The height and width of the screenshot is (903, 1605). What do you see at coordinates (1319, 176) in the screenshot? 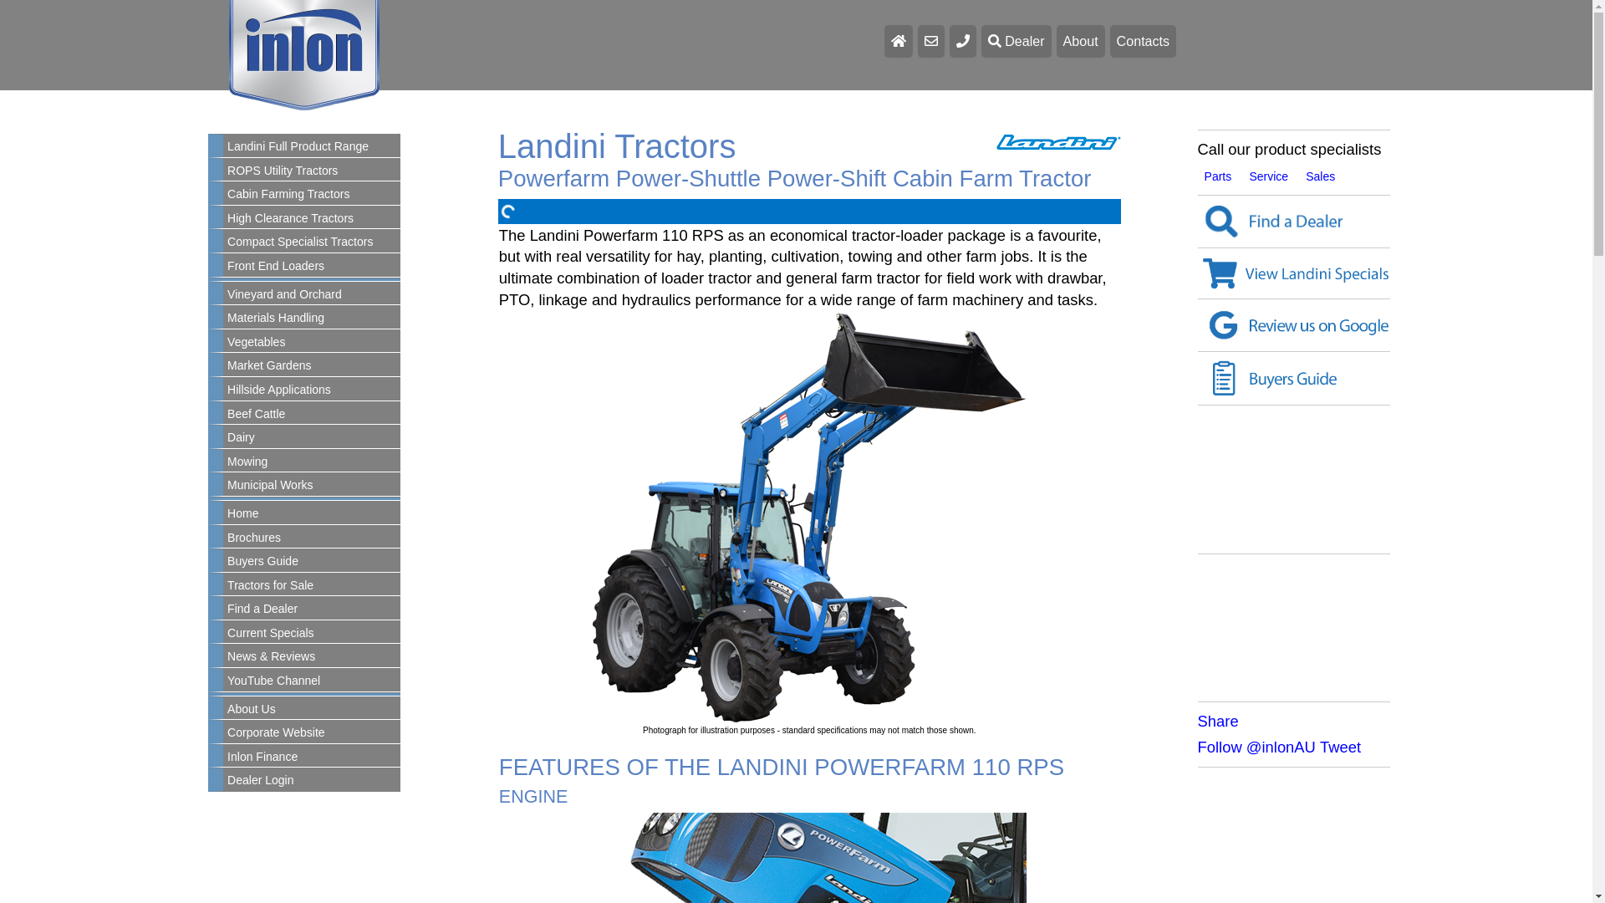
I see `'Sales'` at bounding box center [1319, 176].